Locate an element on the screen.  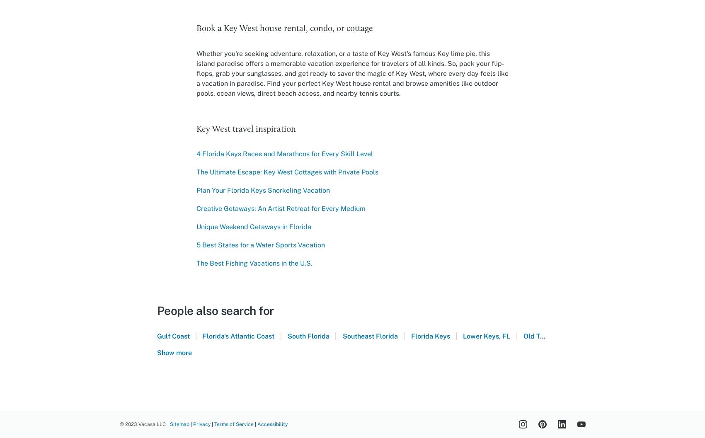
'Plan Your Florida Keys Snorkeling Vacation' is located at coordinates (262, 190).